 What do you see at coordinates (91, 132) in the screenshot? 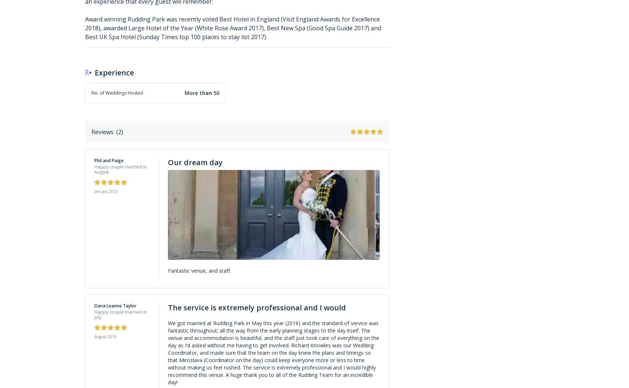
I see `'Reviews'` at bounding box center [91, 132].